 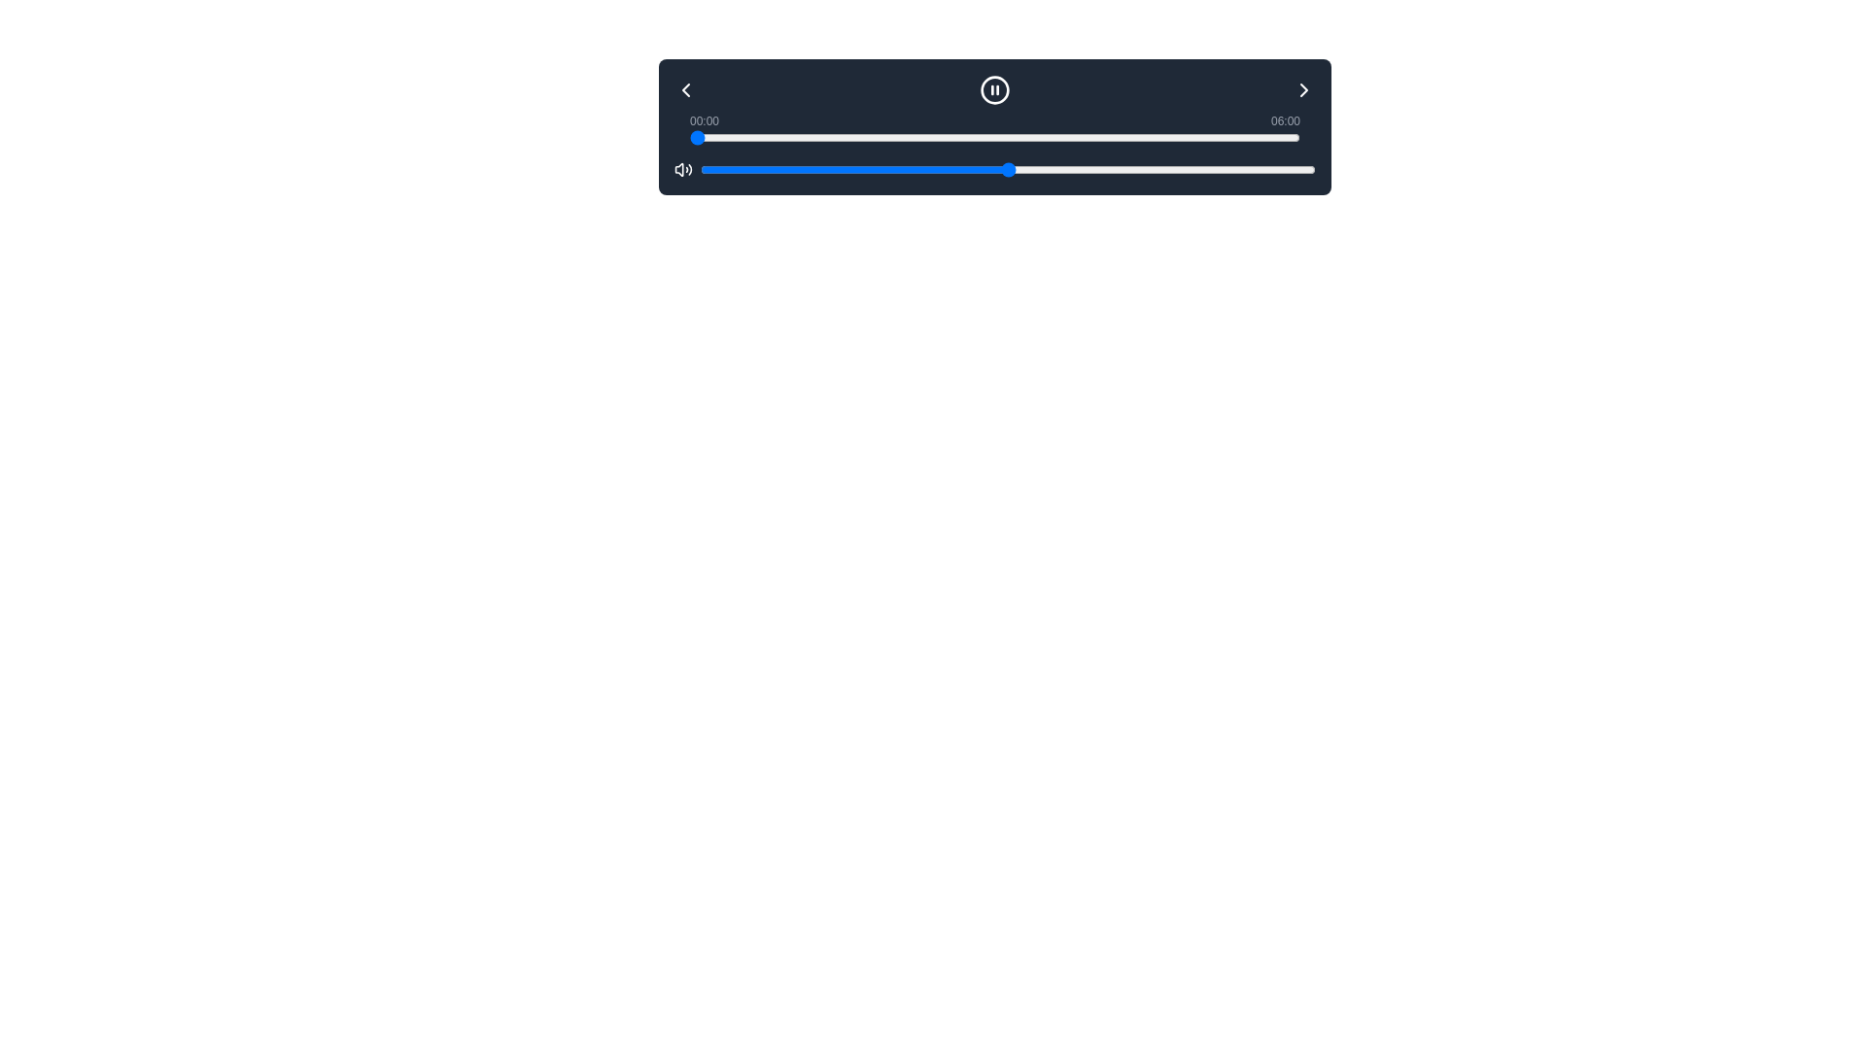 I want to click on the slider, so click(x=854, y=168).